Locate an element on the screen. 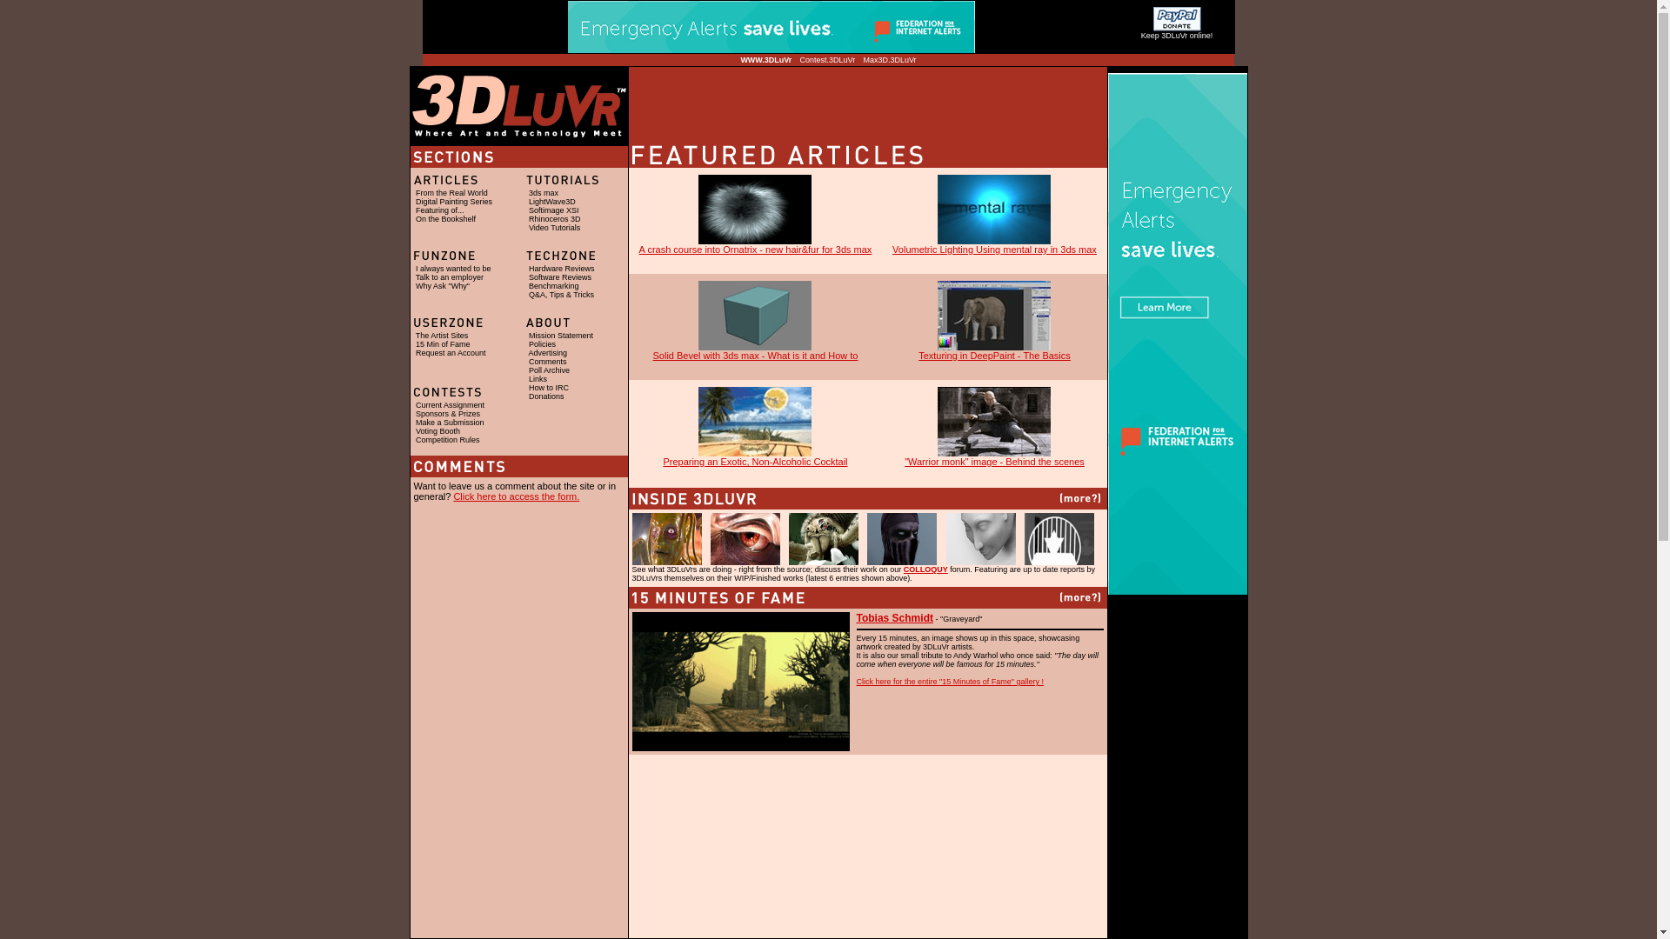  'Mission Statement' is located at coordinates (560, 335).